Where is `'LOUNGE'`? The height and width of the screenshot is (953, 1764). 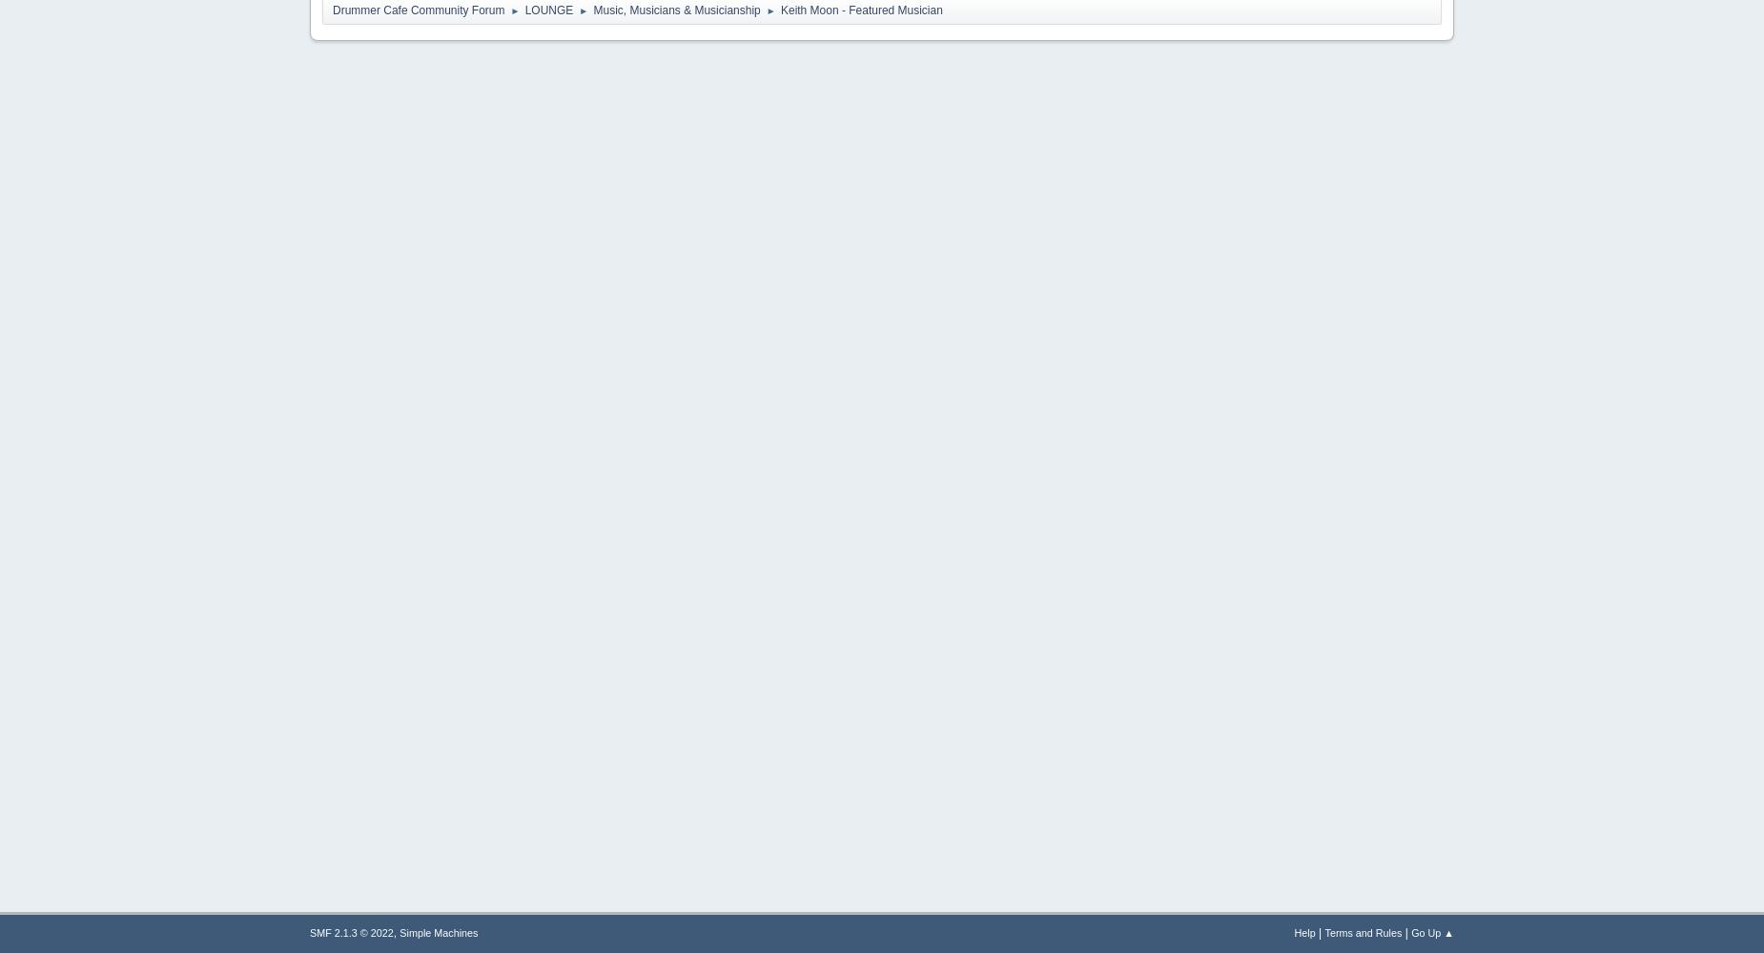 'LOUNGE' is located at coordinates (548, 10).